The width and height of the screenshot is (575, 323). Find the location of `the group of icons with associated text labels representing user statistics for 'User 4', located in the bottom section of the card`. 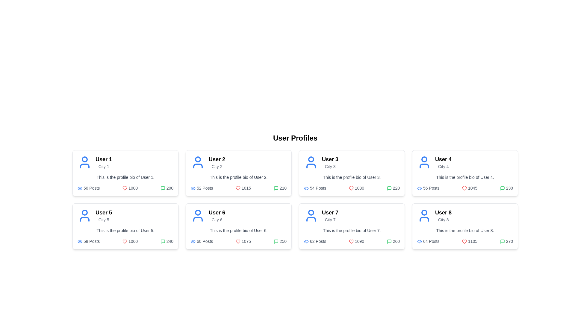

the group of icons with associated text labels representing user statistics for 'User 4', located in the bottom section of the card is located at coordinates (465, 188).